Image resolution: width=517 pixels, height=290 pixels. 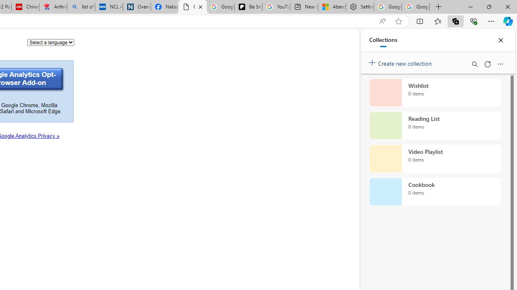 I want to click on 'Create new collection', so click(x=402, y=61).